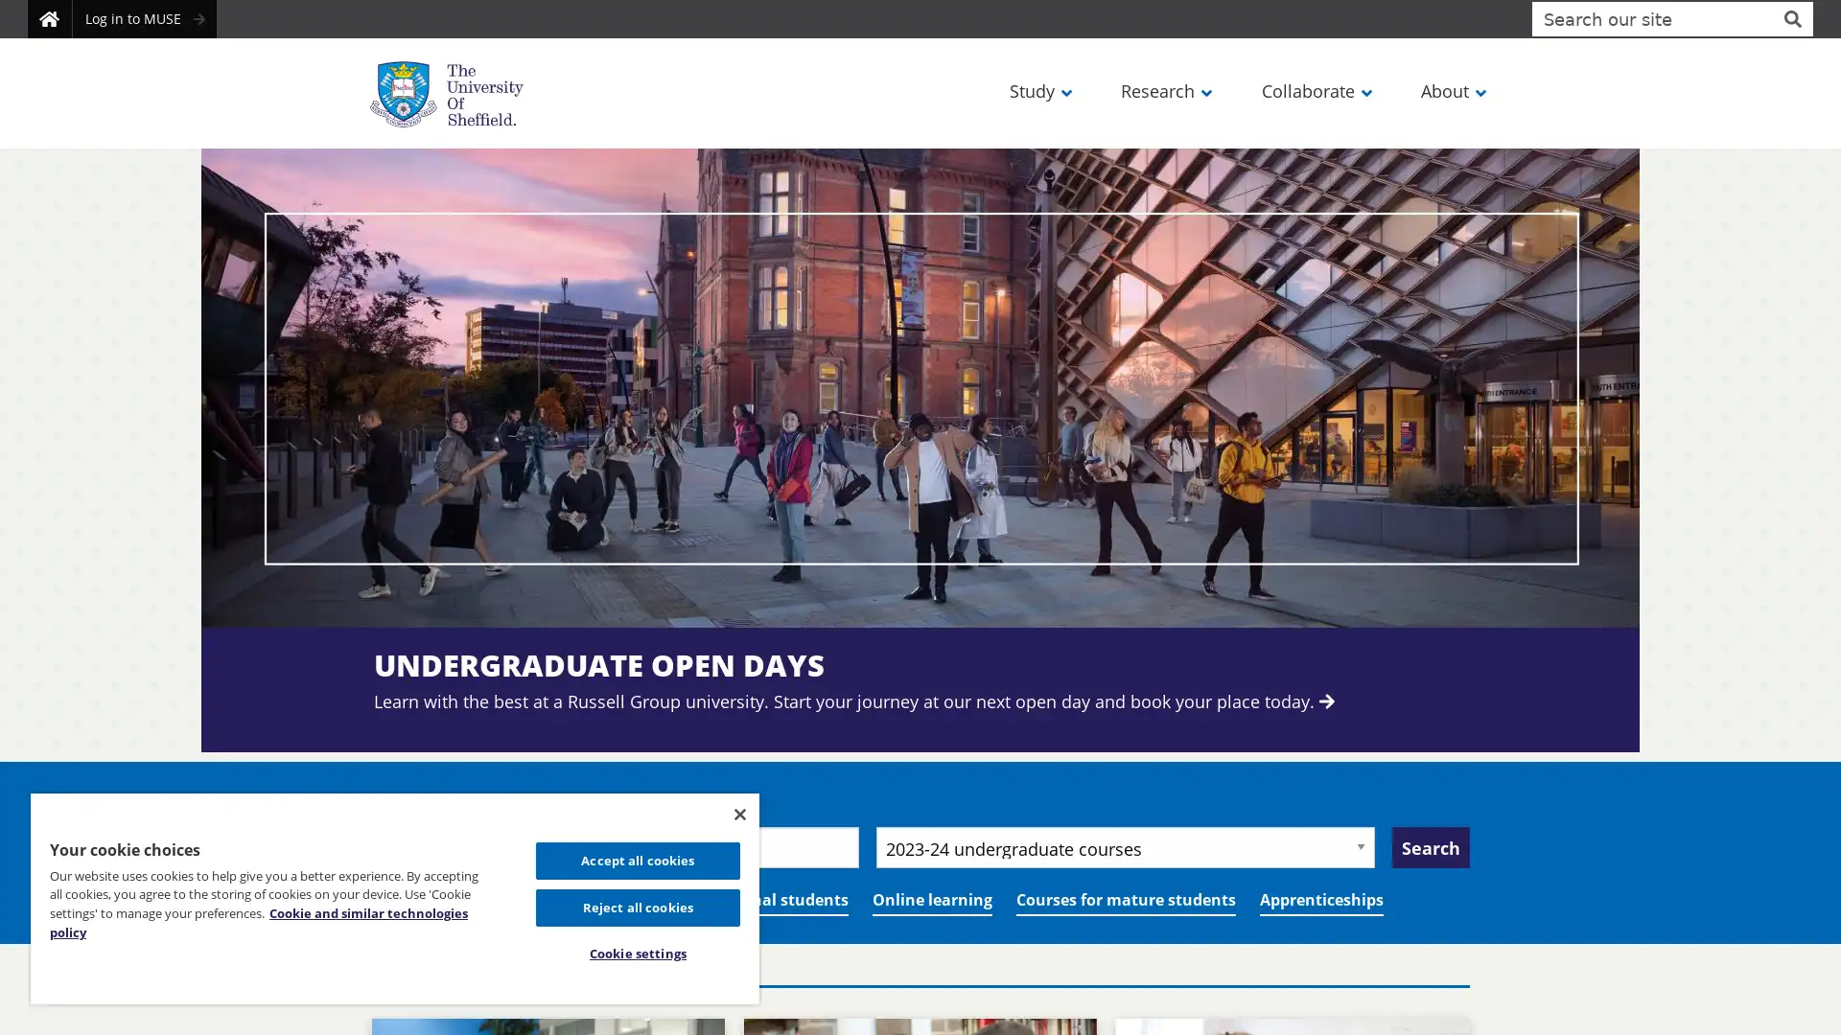 The height and width of the screenshot is (1035, 1841). I want to click on Close, so click(738, 813).